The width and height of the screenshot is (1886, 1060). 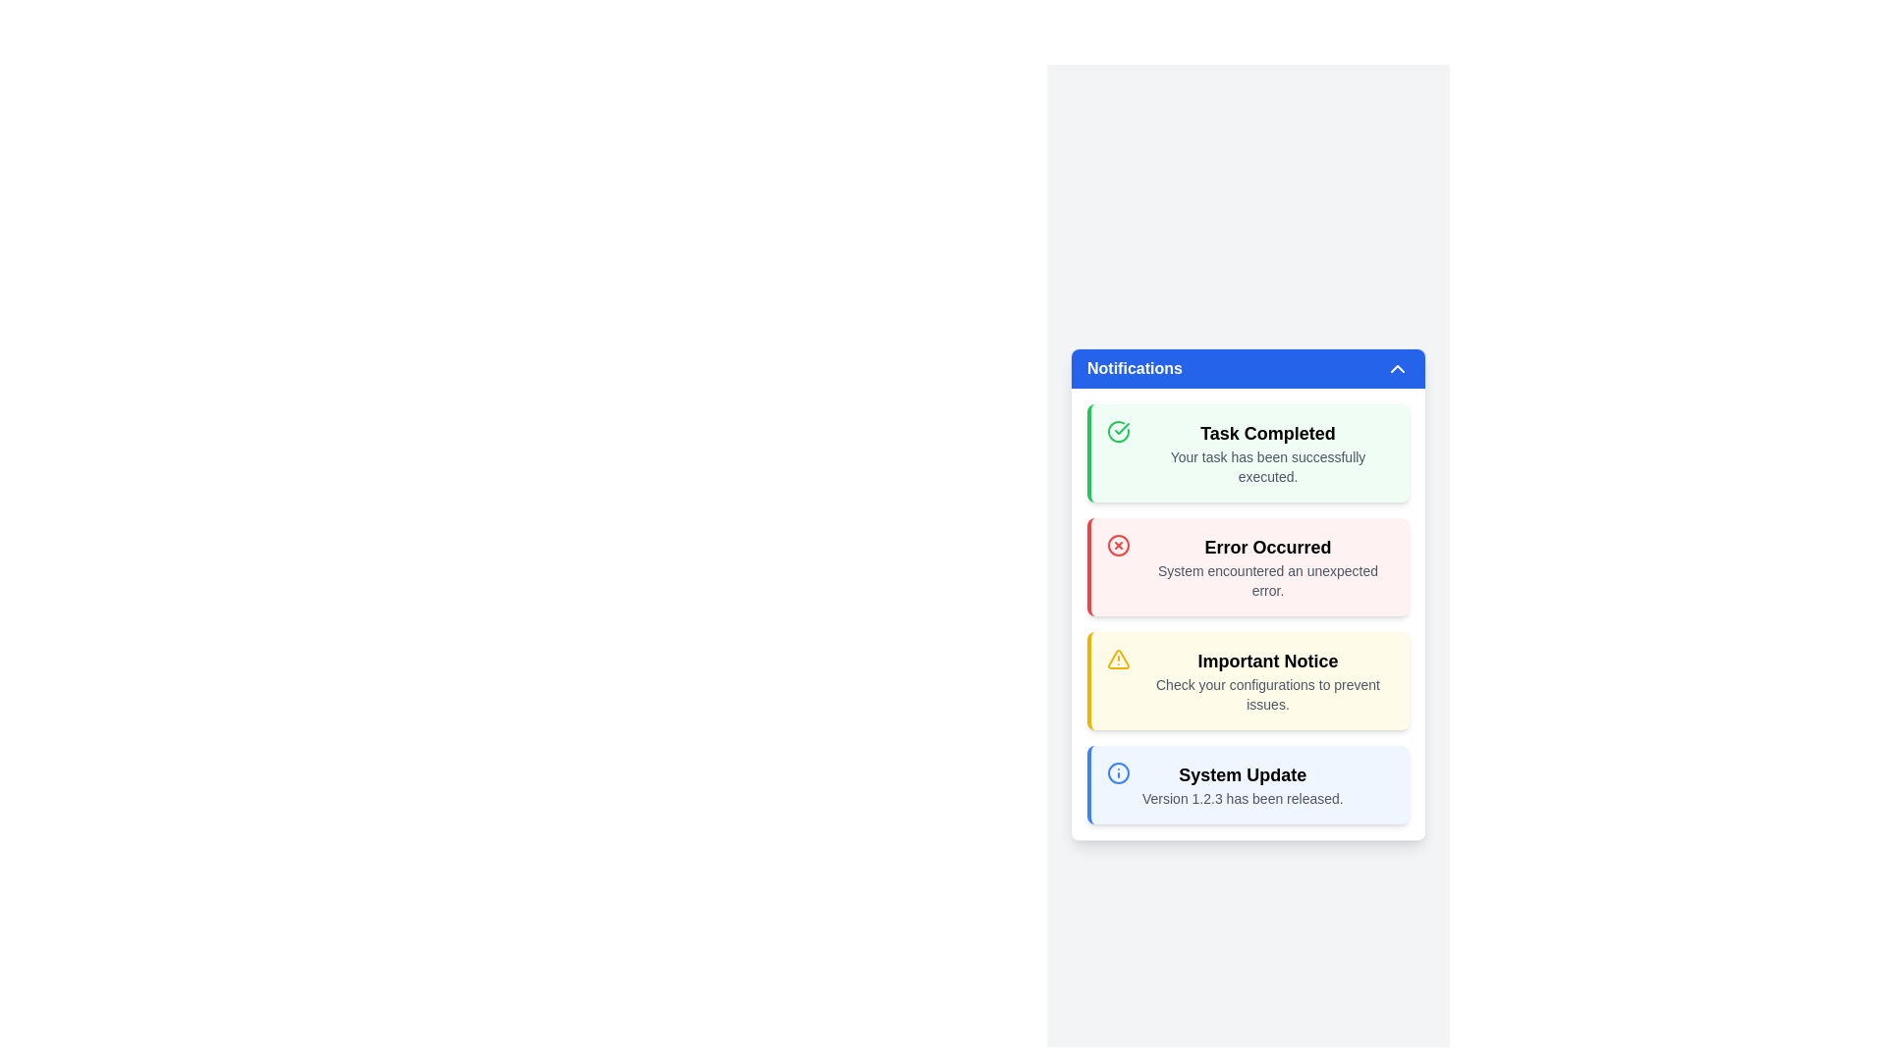 I want to click on the error or alert icon located in the second notification block from the top, which indicates an error with the message 'Error Occurred' and 'System encountered an unexpected error.', so click(x=1118, y=545).